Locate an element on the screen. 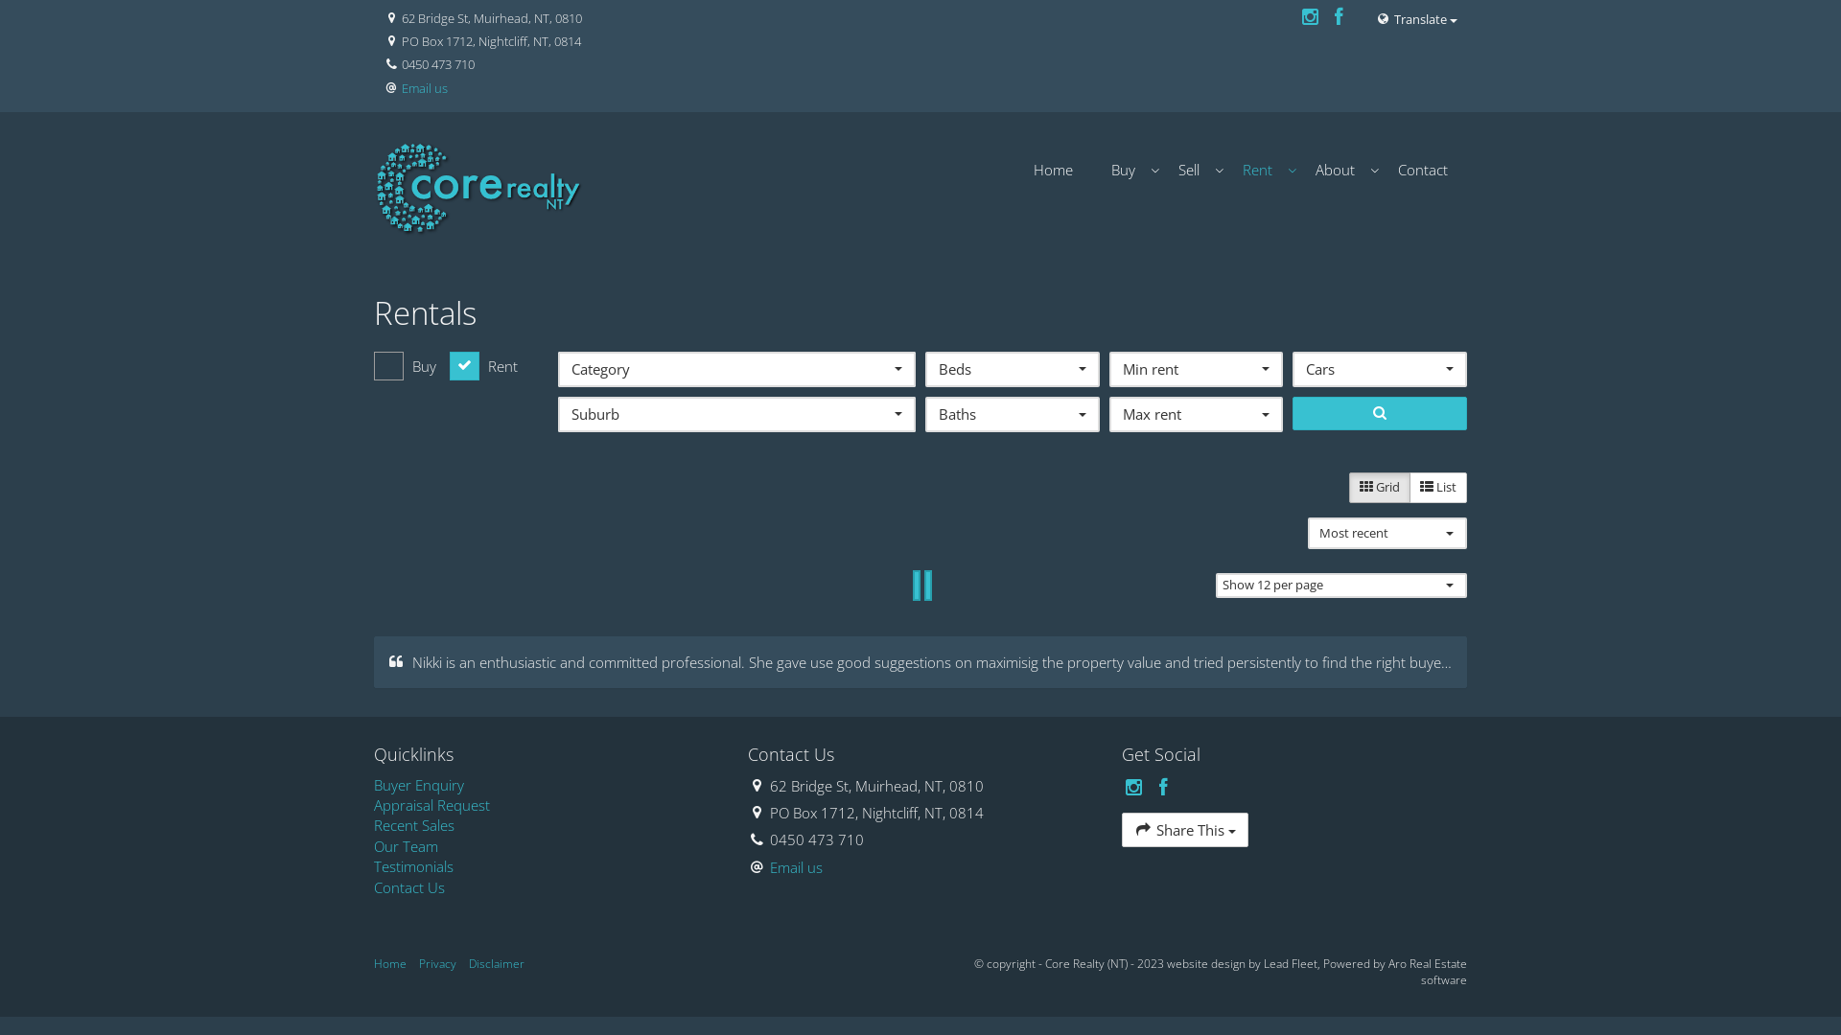  'Core Realty (NT)' is located at coordinates (478, 188).